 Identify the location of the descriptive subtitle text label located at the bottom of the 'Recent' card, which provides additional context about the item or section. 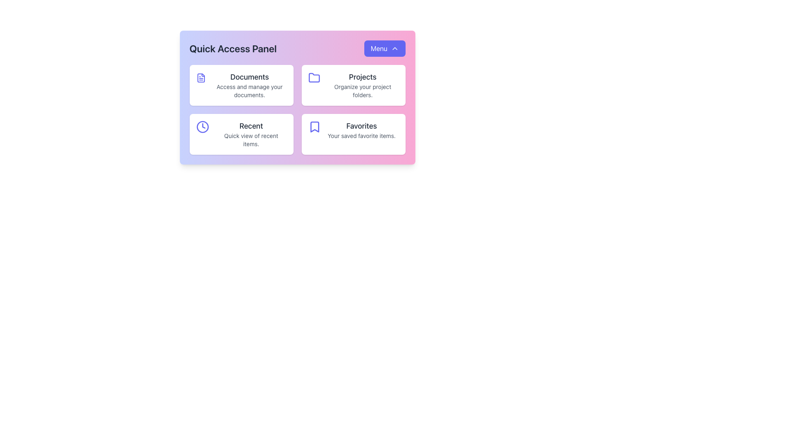
(251, 140).